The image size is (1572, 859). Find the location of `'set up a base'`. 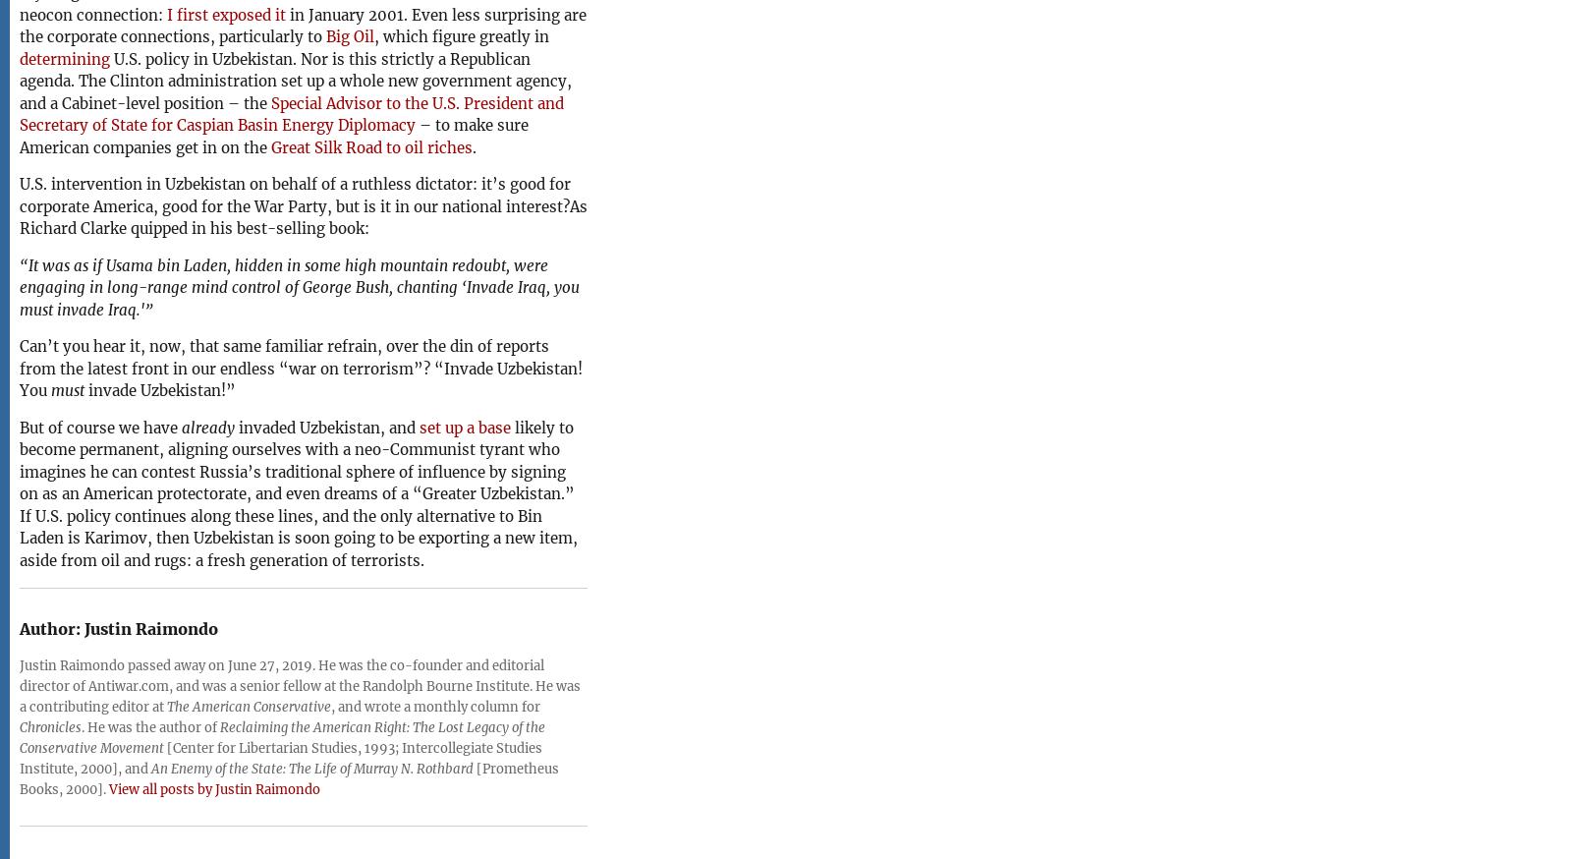

'set up a base' is located at coordinates (464, 427).